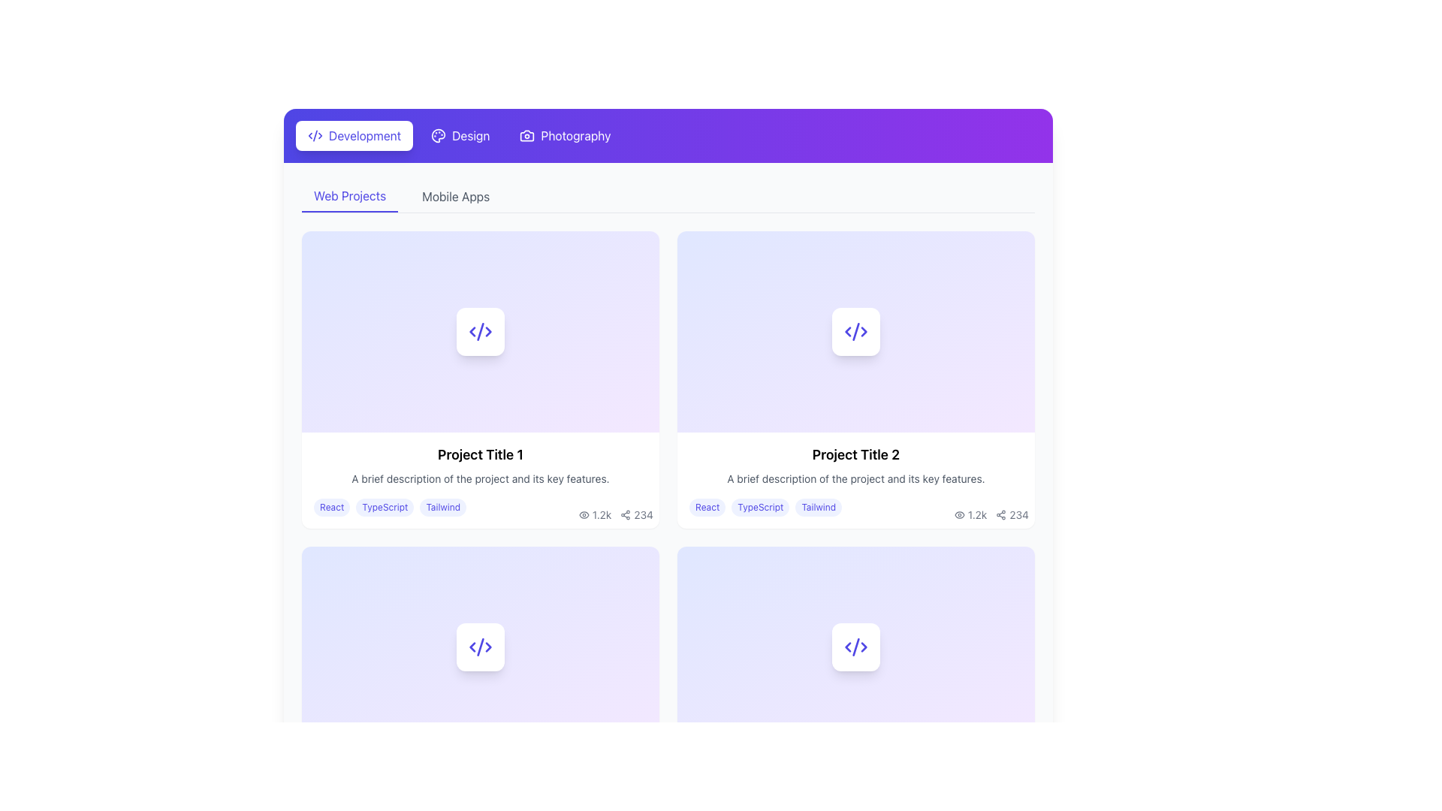  Describe the element at coordinates (565, 136) in the screenshot. I see `the 'Photography' button, which is the third button in the purple navigation bar` at that location.